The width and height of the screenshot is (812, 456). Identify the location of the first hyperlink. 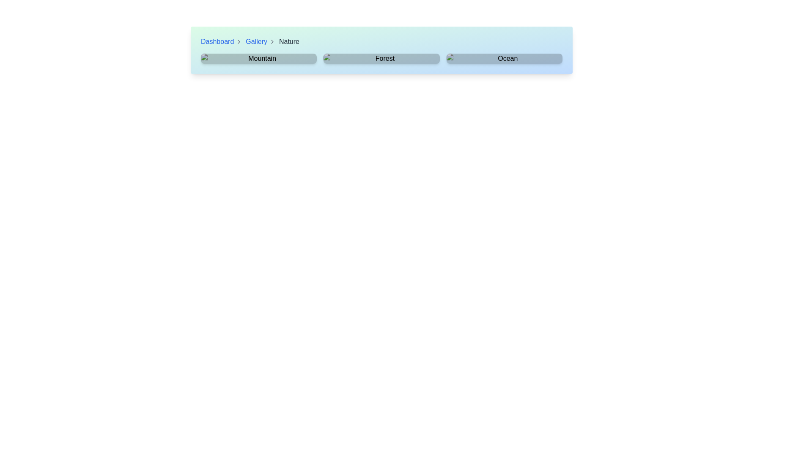
(217, 42).